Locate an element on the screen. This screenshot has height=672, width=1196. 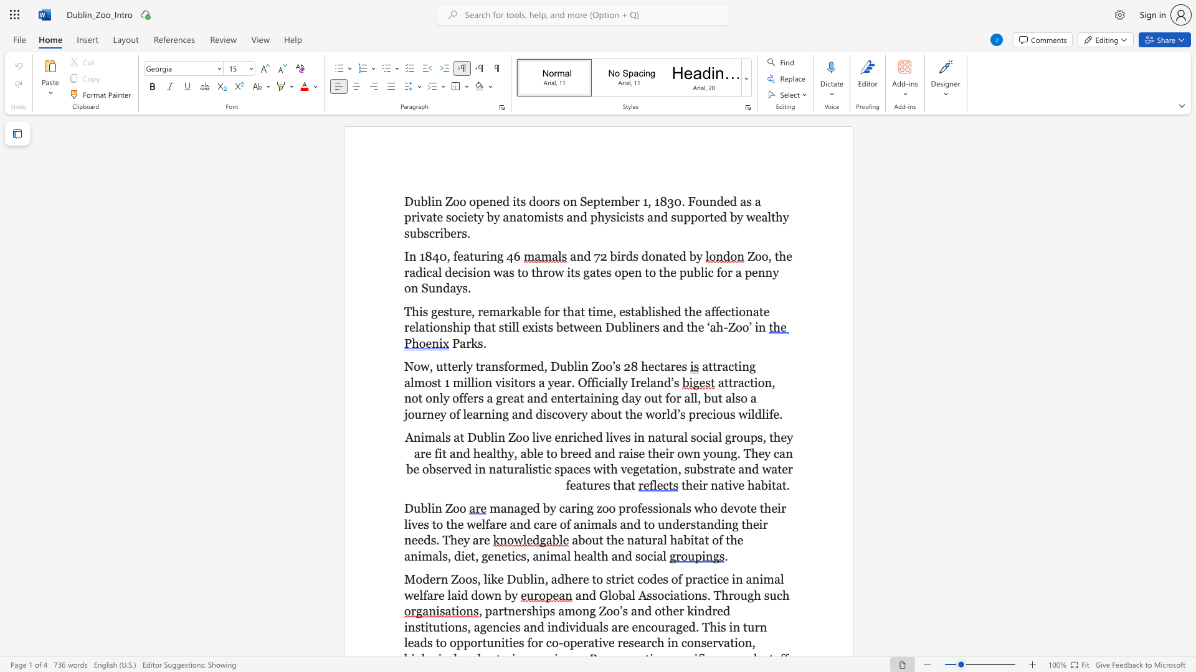
the subset text "ciety by anatomists and physicists and supported by w" within the text "Dublin Zoo opened its doors on September 1, 1830. Founded as a private society by anatomists and physicists and supported by wealthy subscribers." is located at coordinates (457, 217).